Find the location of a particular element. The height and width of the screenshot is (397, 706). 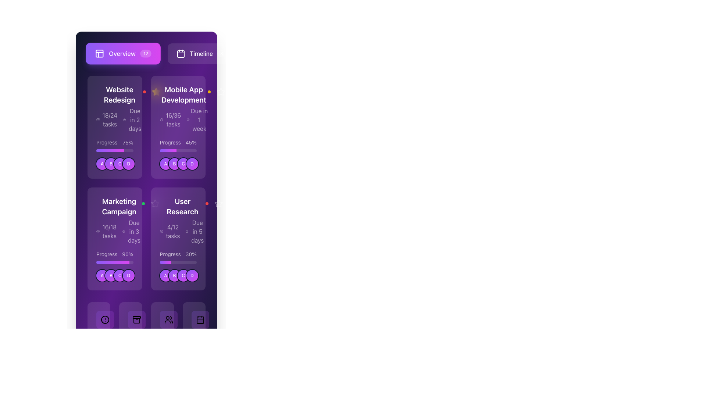

the star icon located in the top-right quadrant of the 'Mobile App Development' card is located at coordinates (156, 91).